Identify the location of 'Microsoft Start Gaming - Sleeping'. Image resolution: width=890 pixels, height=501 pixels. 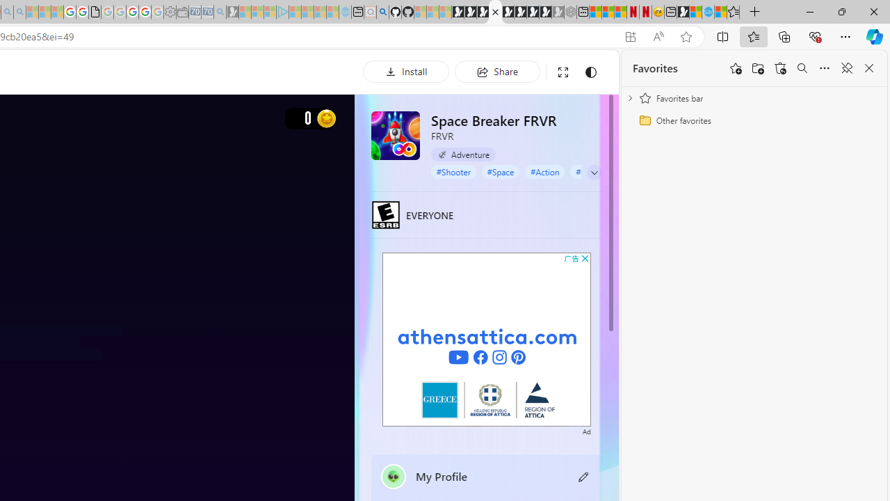
(232, 12).